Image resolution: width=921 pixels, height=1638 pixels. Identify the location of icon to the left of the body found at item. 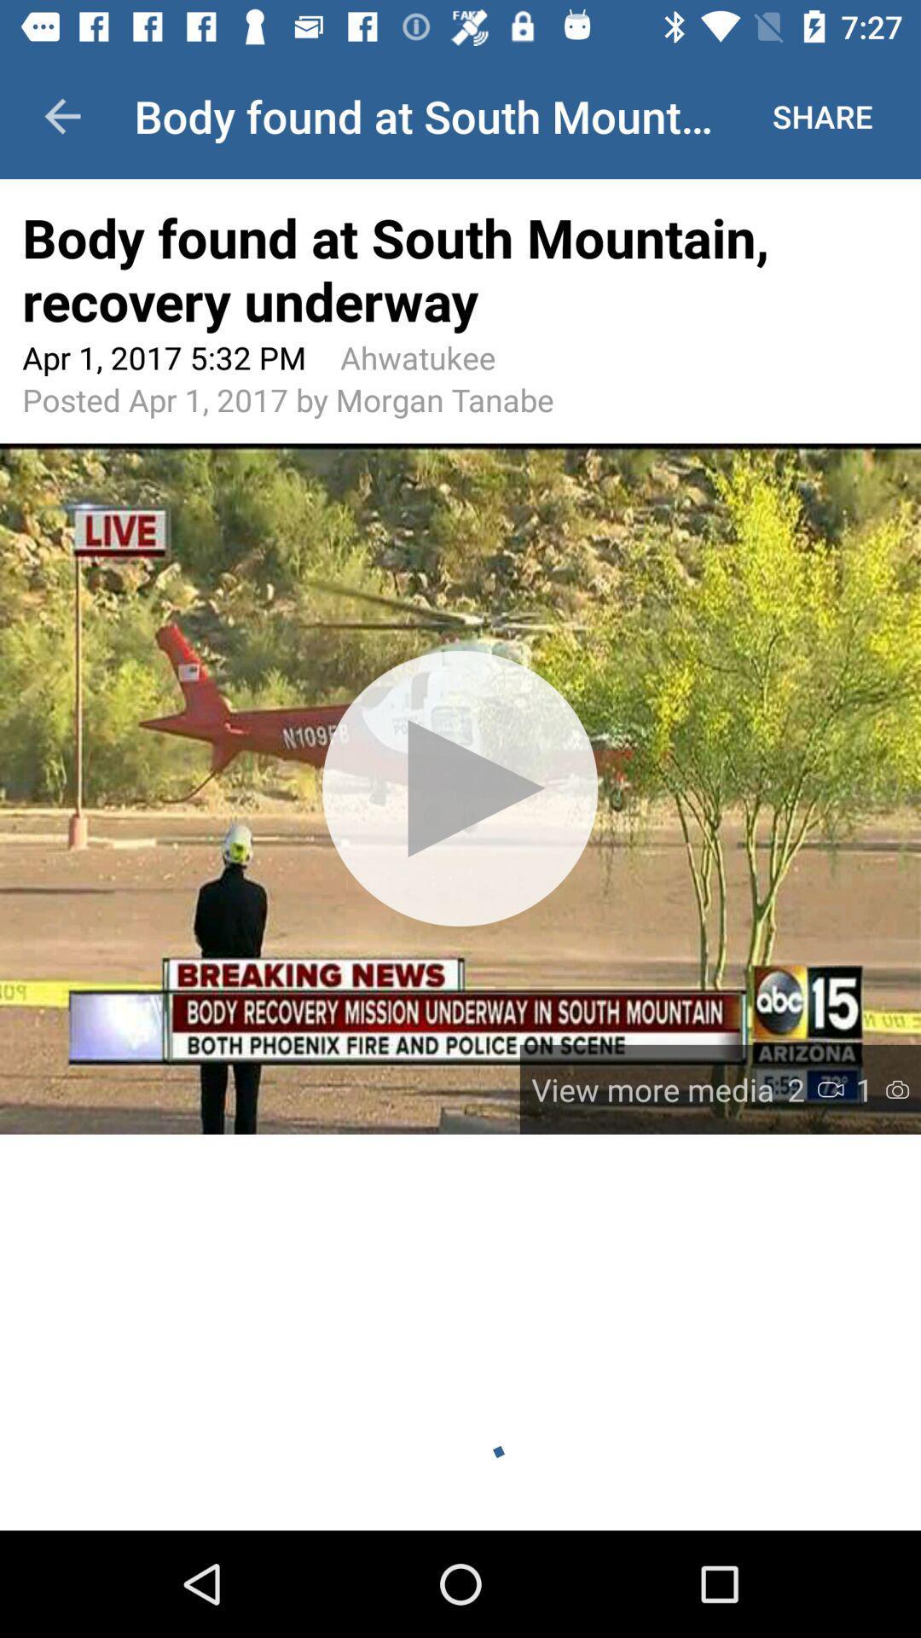
(61, 115).